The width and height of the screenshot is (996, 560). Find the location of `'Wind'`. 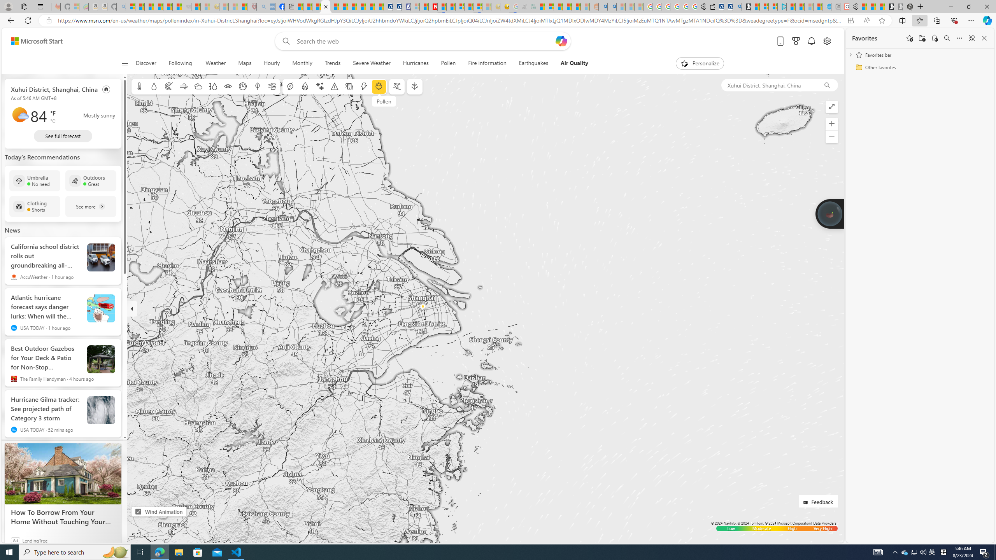

'Wind' is located at coordinates (183, 86).